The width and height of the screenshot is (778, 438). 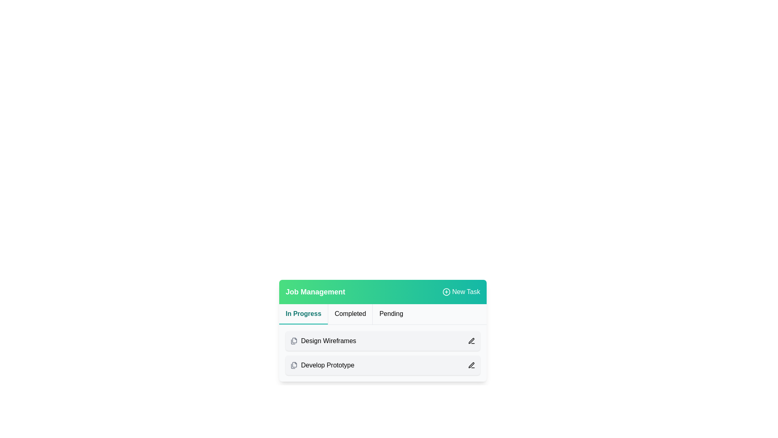 What do you see at coordinates (350, 314) in the screenshot?
I see `the 'Completed' navigation tab button` at bounding box center [350, 314].